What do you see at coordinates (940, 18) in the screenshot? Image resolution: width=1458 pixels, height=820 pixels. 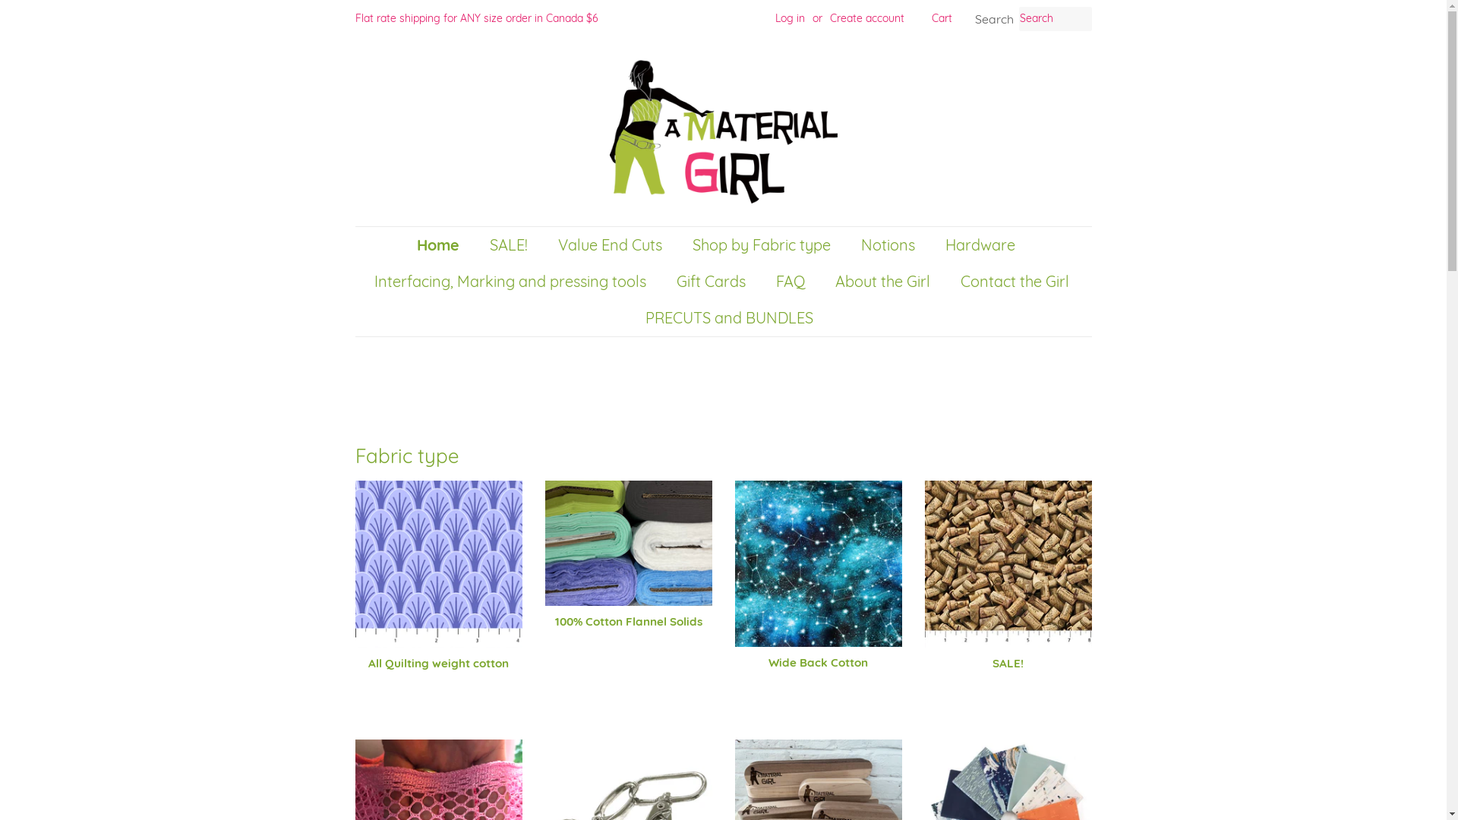 I see `'Cart'` at bounding box center [940, 18].